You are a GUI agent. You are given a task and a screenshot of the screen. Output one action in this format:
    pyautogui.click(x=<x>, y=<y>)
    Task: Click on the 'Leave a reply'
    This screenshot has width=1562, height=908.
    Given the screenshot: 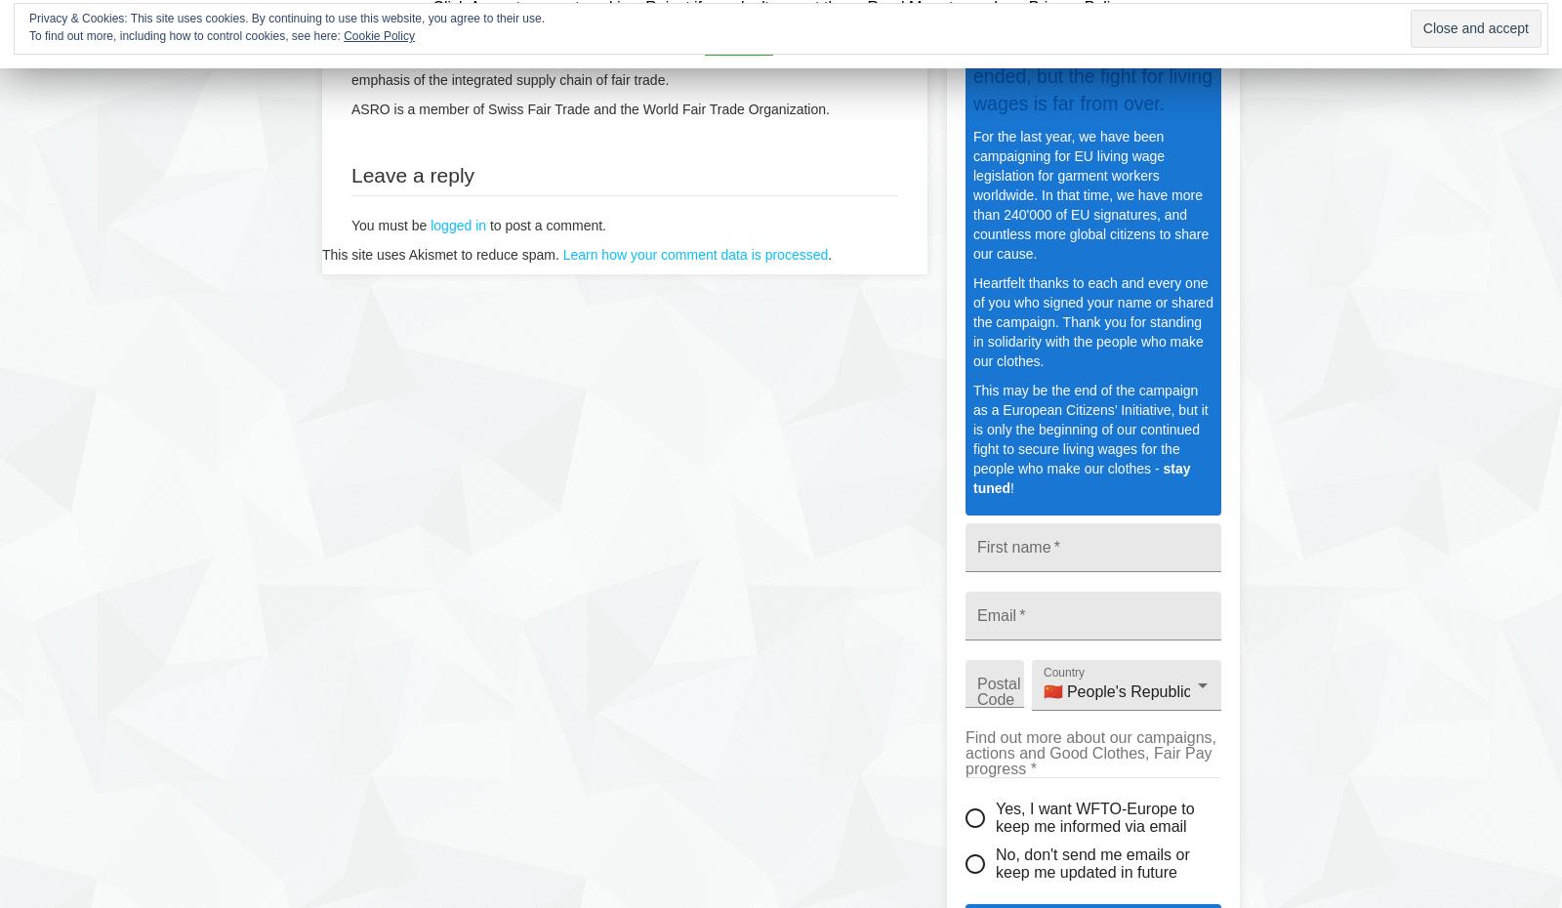 What is the action you would take?
    pyautogui.click(x=412, y=174)
    